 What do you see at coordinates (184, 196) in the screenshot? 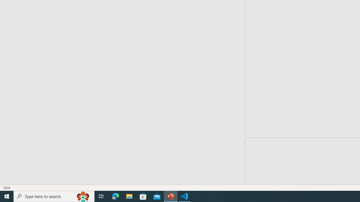
I see `'Visual Studio Code - 1 running window'` at bounding box center [184, 196].